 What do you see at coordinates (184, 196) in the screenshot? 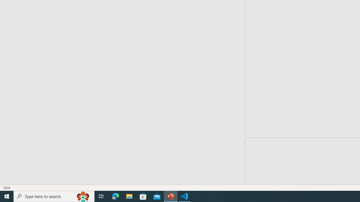
I see `'Visual Studio Code - 1 running window'` at bounding box center [184, 196].